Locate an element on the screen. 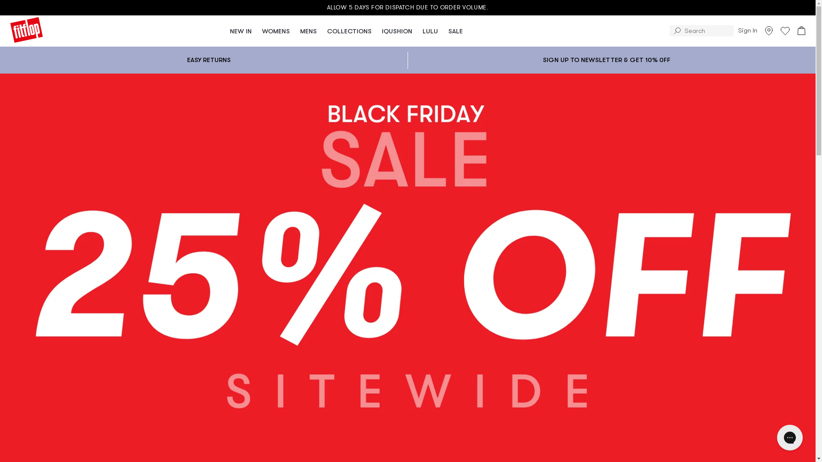  'WOMENS' is located at coordinates (276, 30).